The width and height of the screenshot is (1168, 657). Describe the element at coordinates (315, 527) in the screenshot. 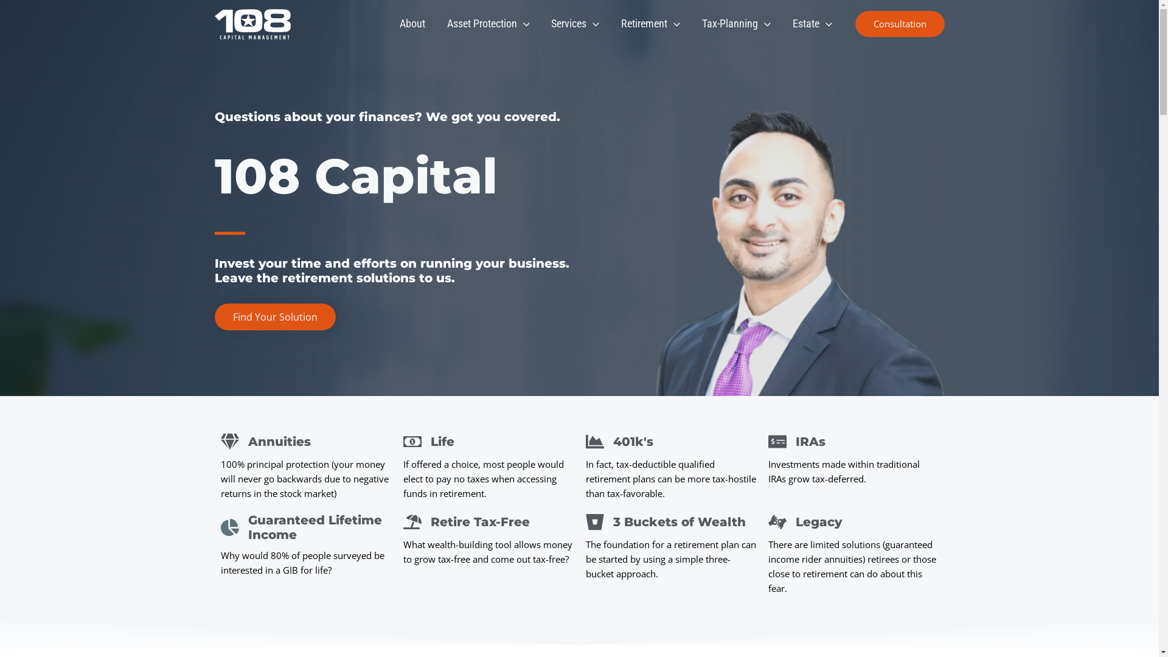

I see `'Guaranteed Lifetime Income'` at that location.